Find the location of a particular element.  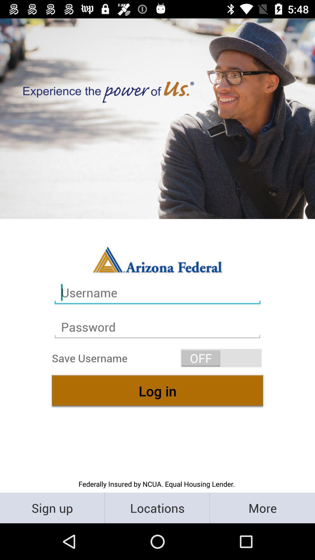

log in icon is located at coordinates (157, 391).